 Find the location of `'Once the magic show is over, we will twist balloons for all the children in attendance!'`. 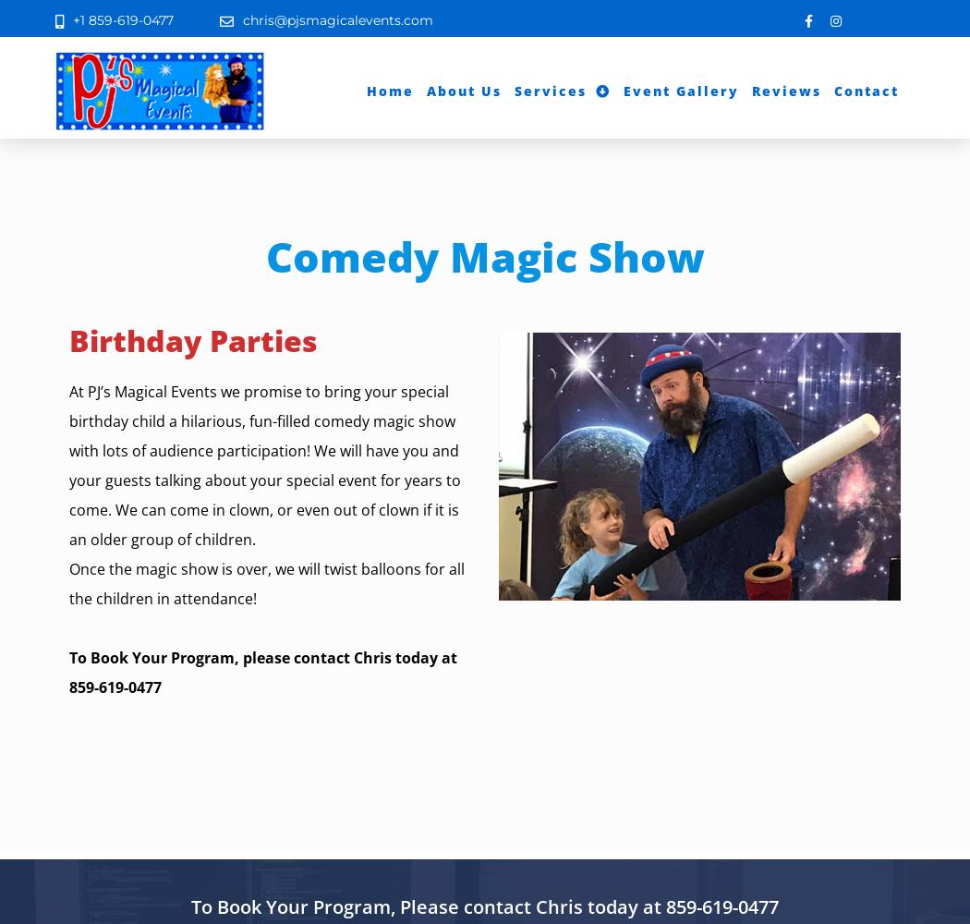

'Once the magic show is over, we will twist balloons for all the children in attendance!' is located at coordinates (265, 584).